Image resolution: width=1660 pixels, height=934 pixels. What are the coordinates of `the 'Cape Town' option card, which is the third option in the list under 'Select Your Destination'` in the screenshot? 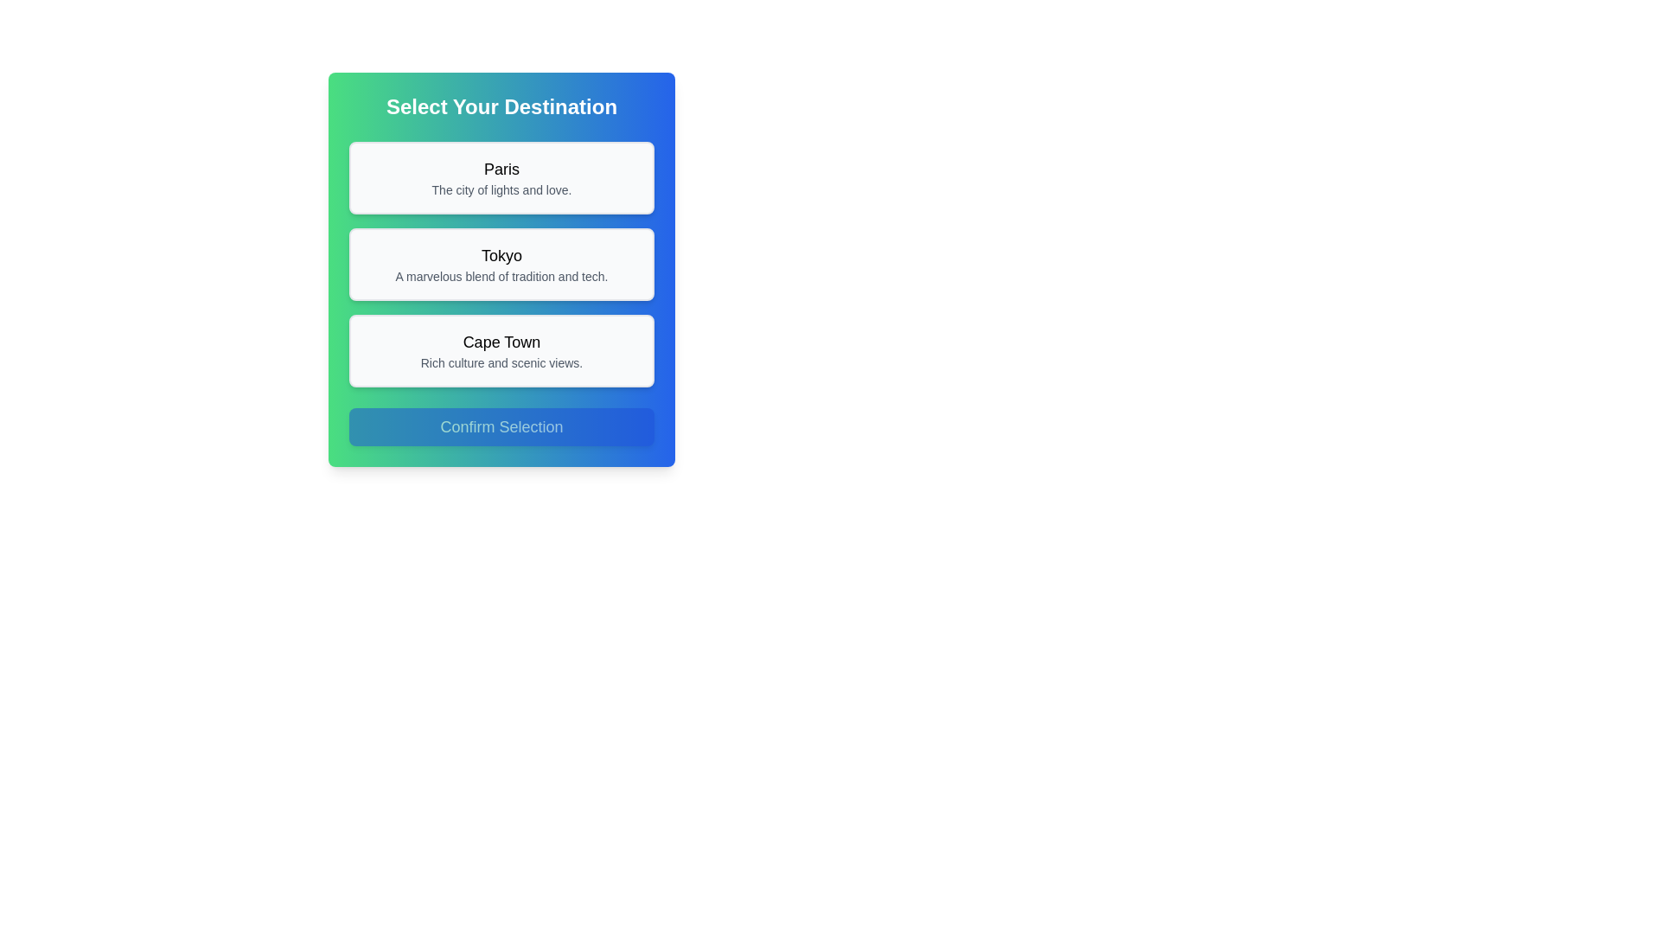 It's located at (501, 350).